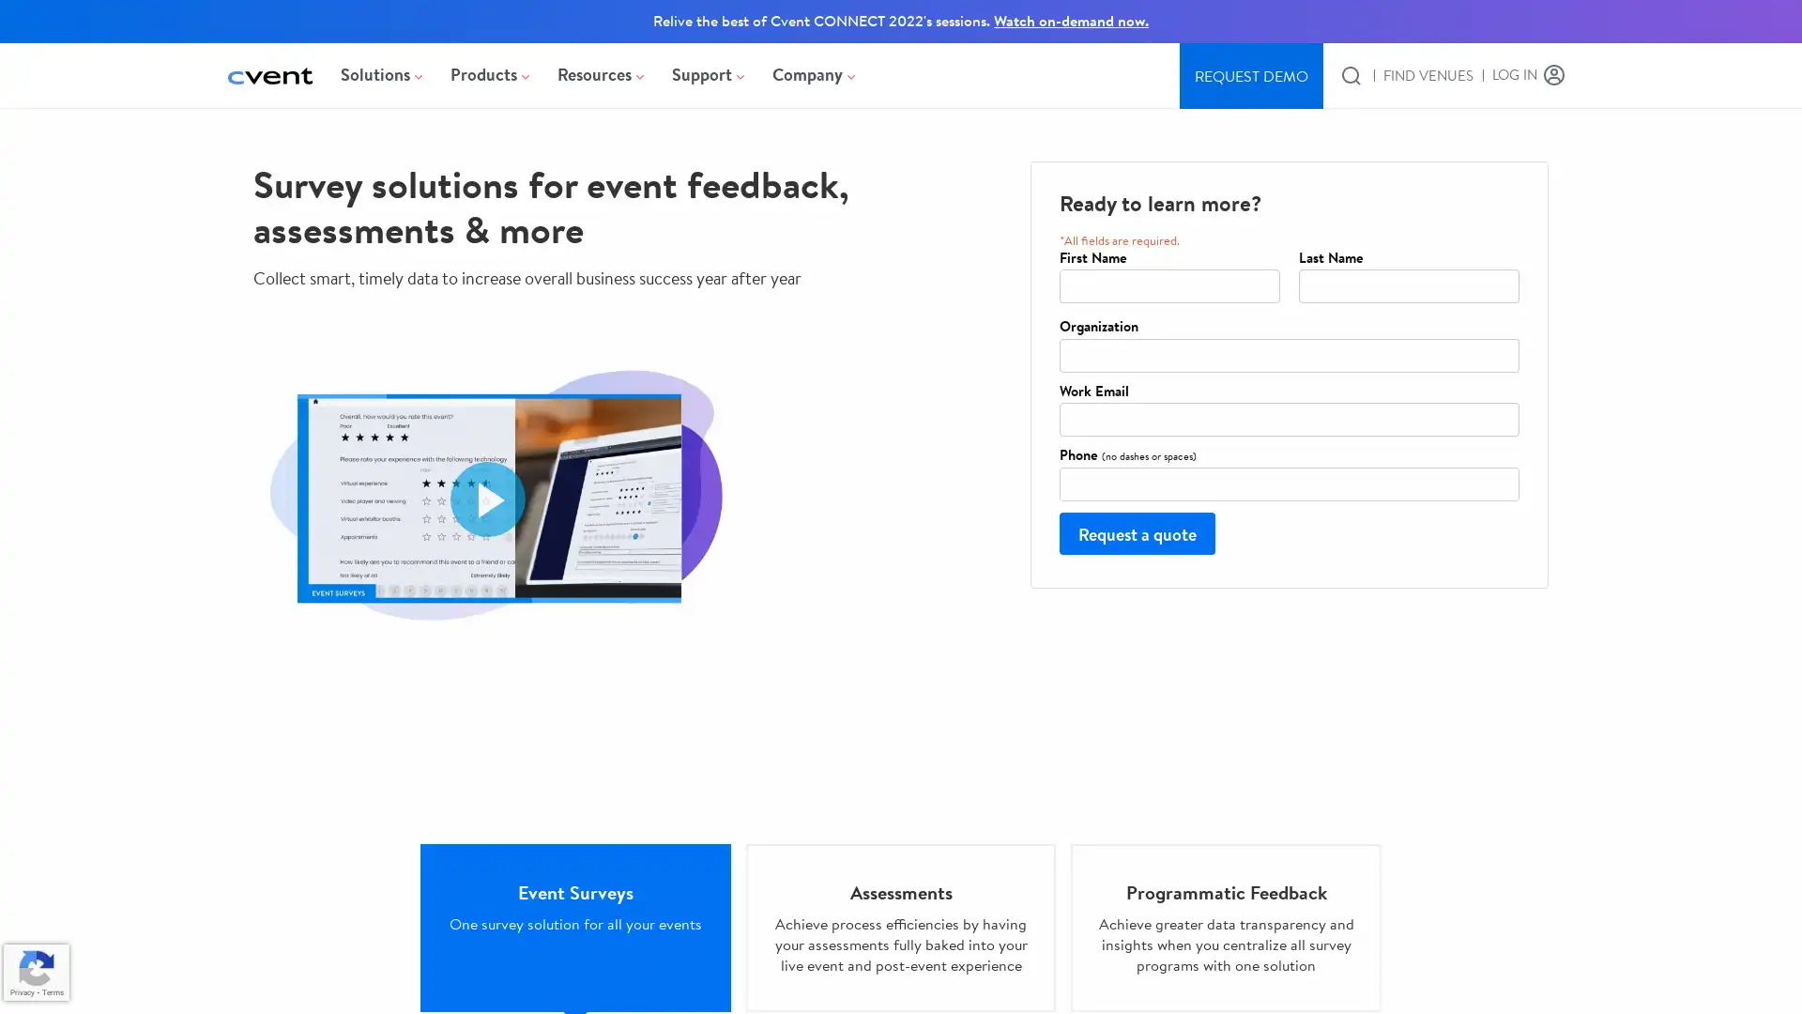  What do you see at coordinates (1136, 532) in the screenshot?
I see `Request a quote` at bounding box center [1136, 532].